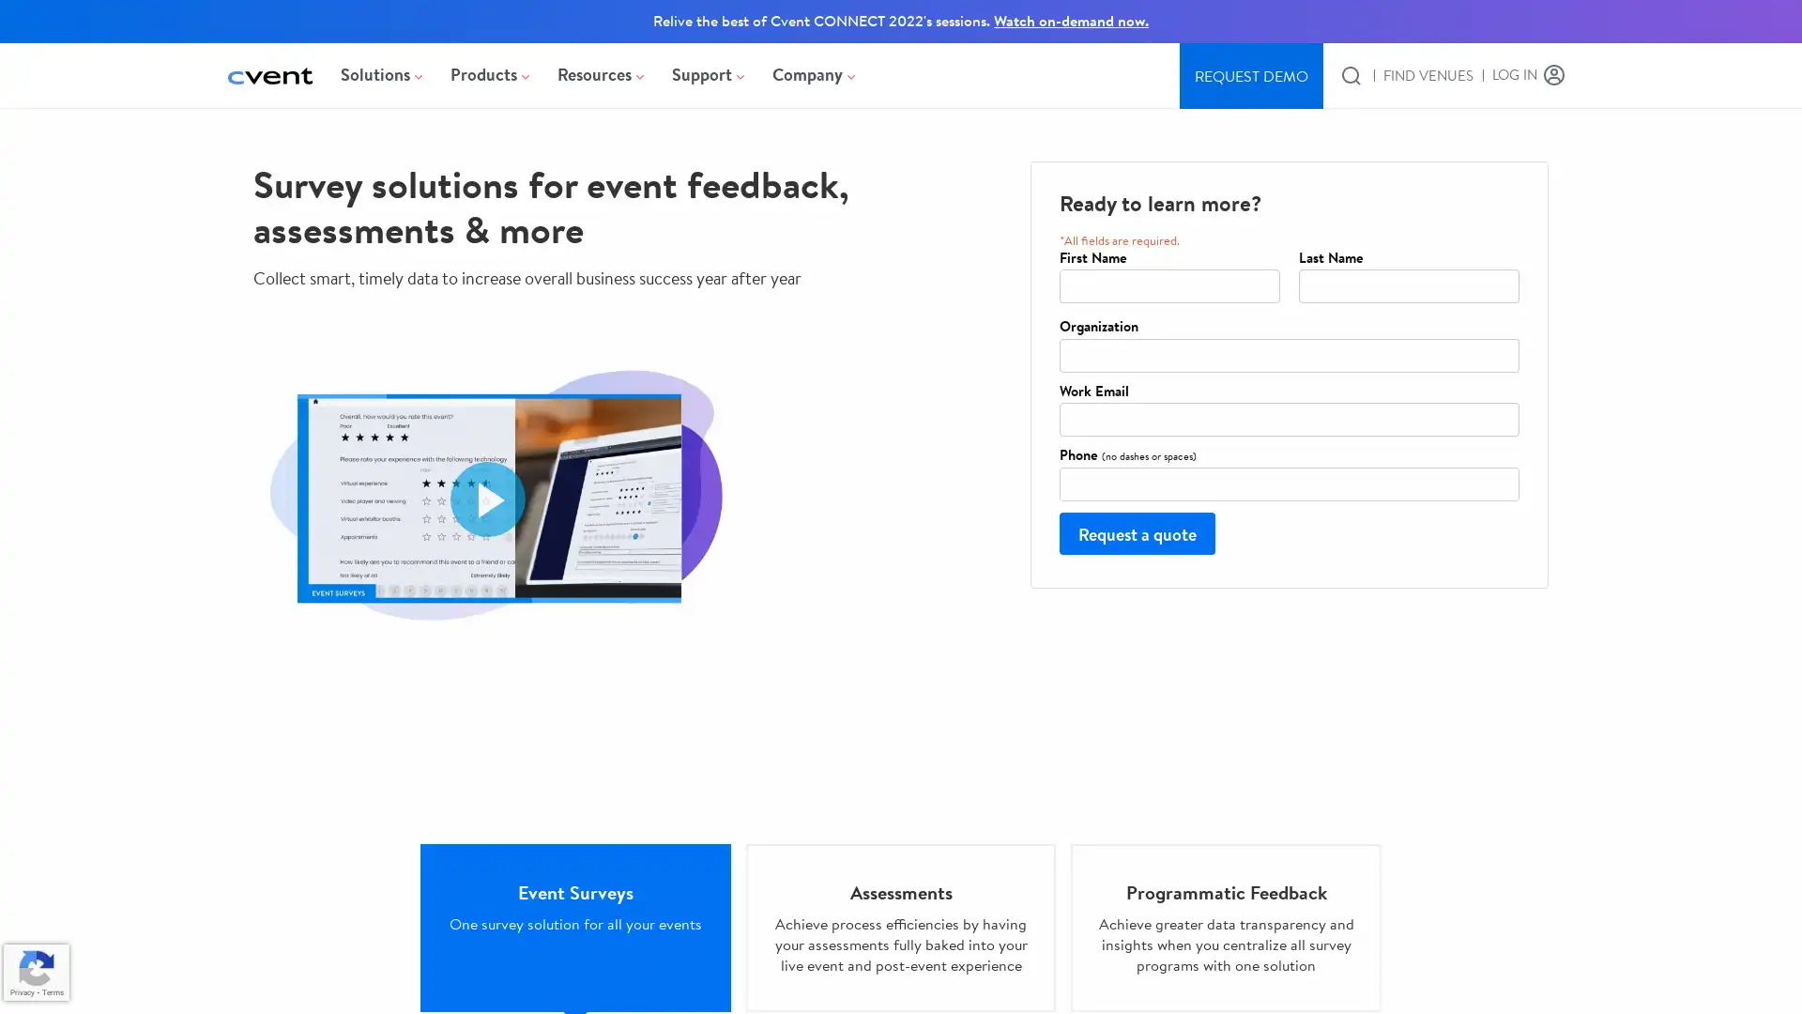  What do you see at coordinates (1136, 532) in the screenshot?
I see `Request a quote` at bounding box center [1136, 532].